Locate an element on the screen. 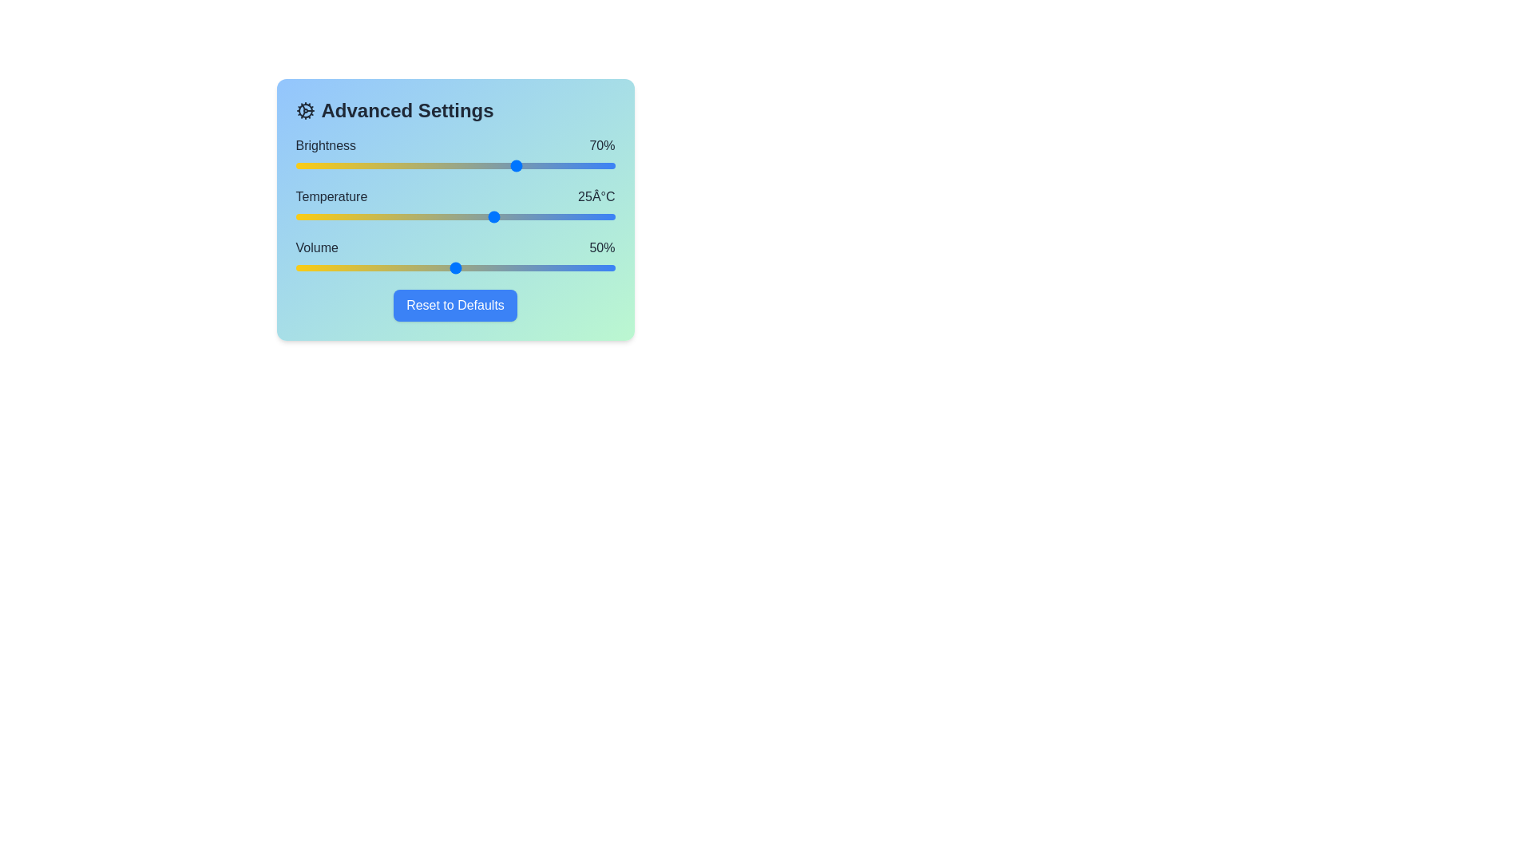 This screenshot has height=862, width=1533. the text label Temperature to select it is located at coordinates (330, 196).